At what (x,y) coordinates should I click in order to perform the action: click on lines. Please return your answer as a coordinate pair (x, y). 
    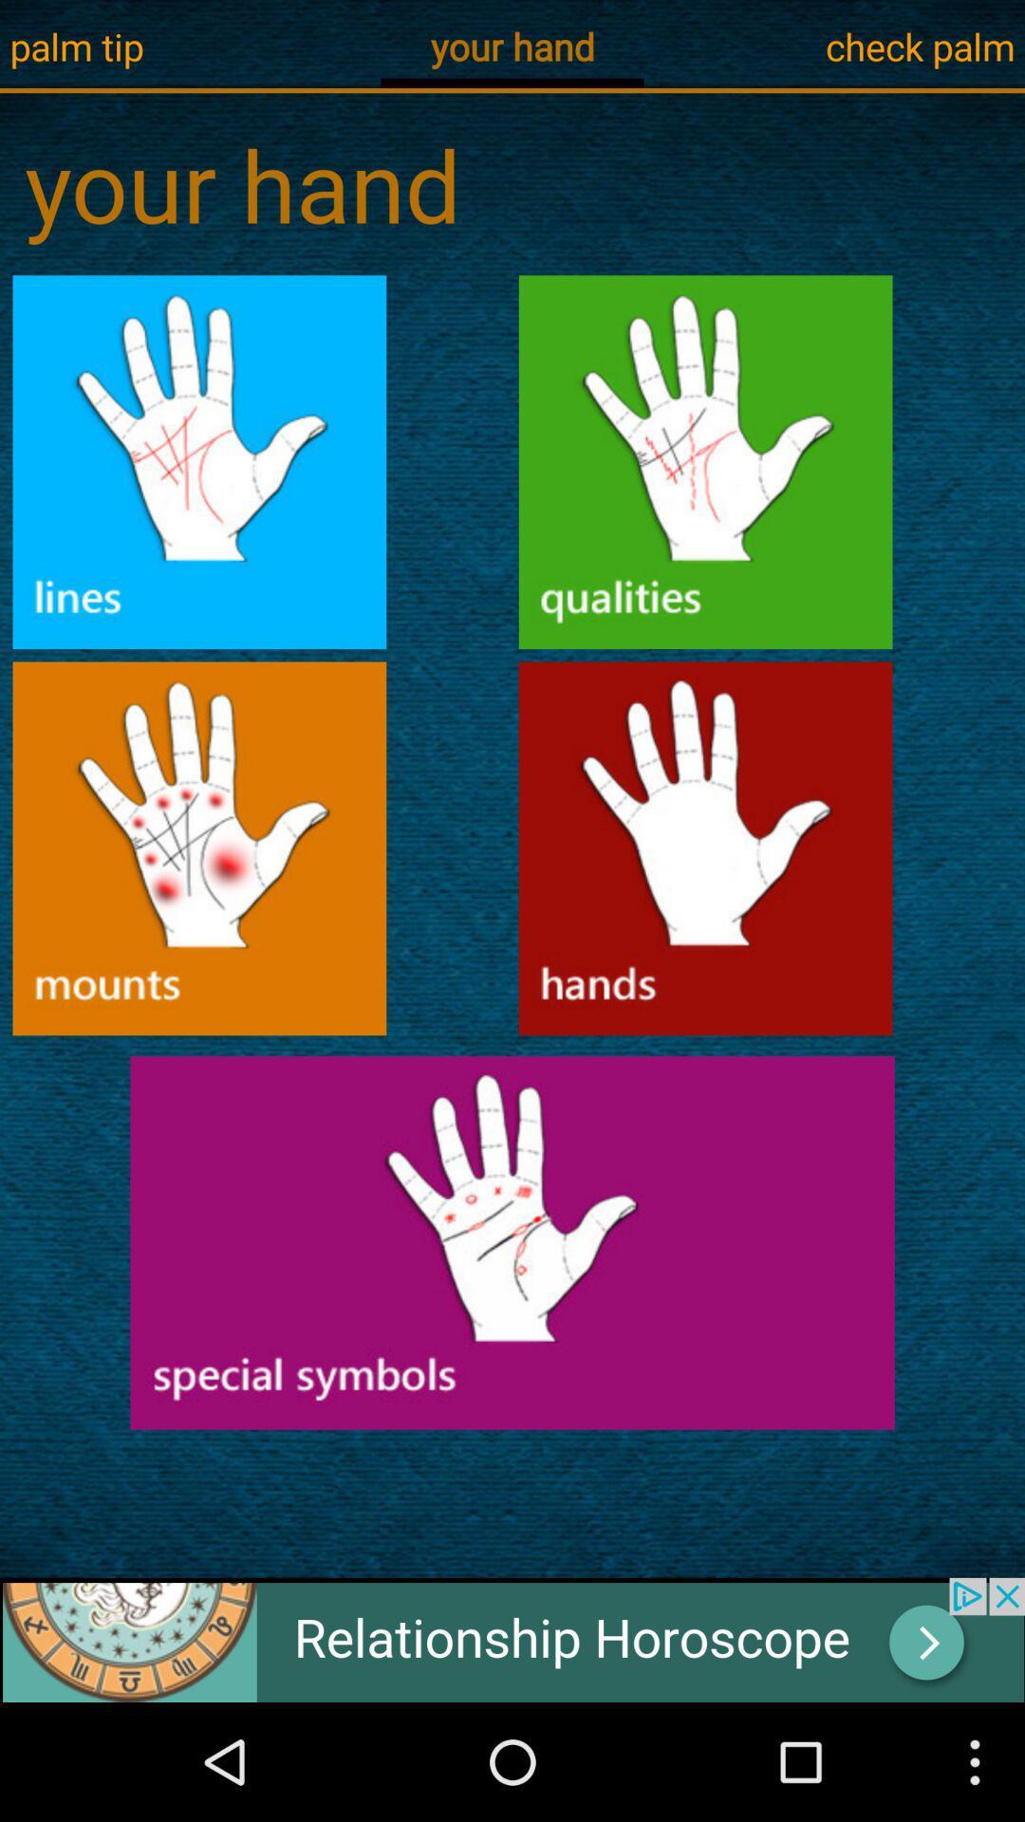
    Looking at the image, I should click on (199, 462).